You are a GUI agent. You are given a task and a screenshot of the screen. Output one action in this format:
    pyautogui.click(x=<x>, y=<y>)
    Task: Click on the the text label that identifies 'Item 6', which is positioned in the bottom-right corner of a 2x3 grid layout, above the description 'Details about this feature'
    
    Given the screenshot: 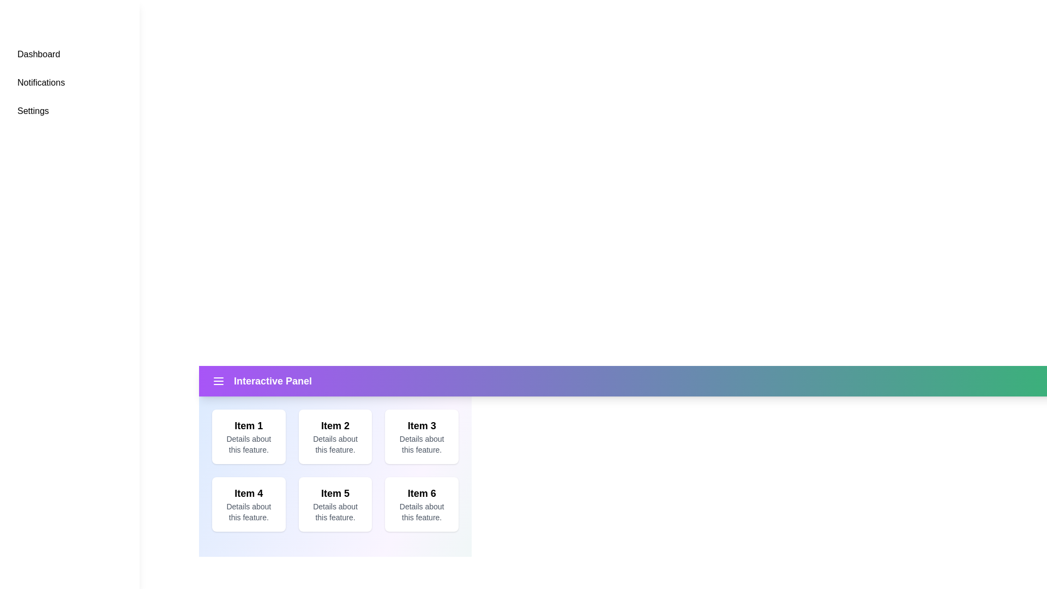 What is the action you would take?
    pyautogui.click(x=421, y=494)
    